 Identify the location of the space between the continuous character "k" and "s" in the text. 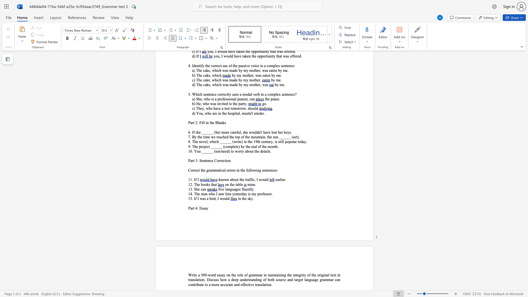
(208, 185).